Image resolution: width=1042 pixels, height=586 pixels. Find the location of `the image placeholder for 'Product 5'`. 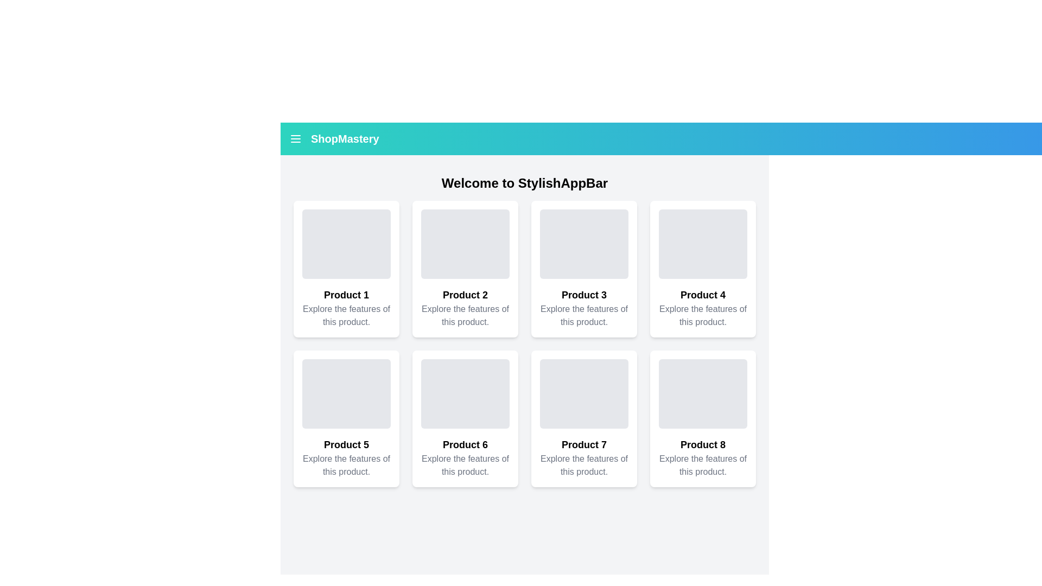

the image placeholder for 'Product 5' is located at coordinates (346, 393).